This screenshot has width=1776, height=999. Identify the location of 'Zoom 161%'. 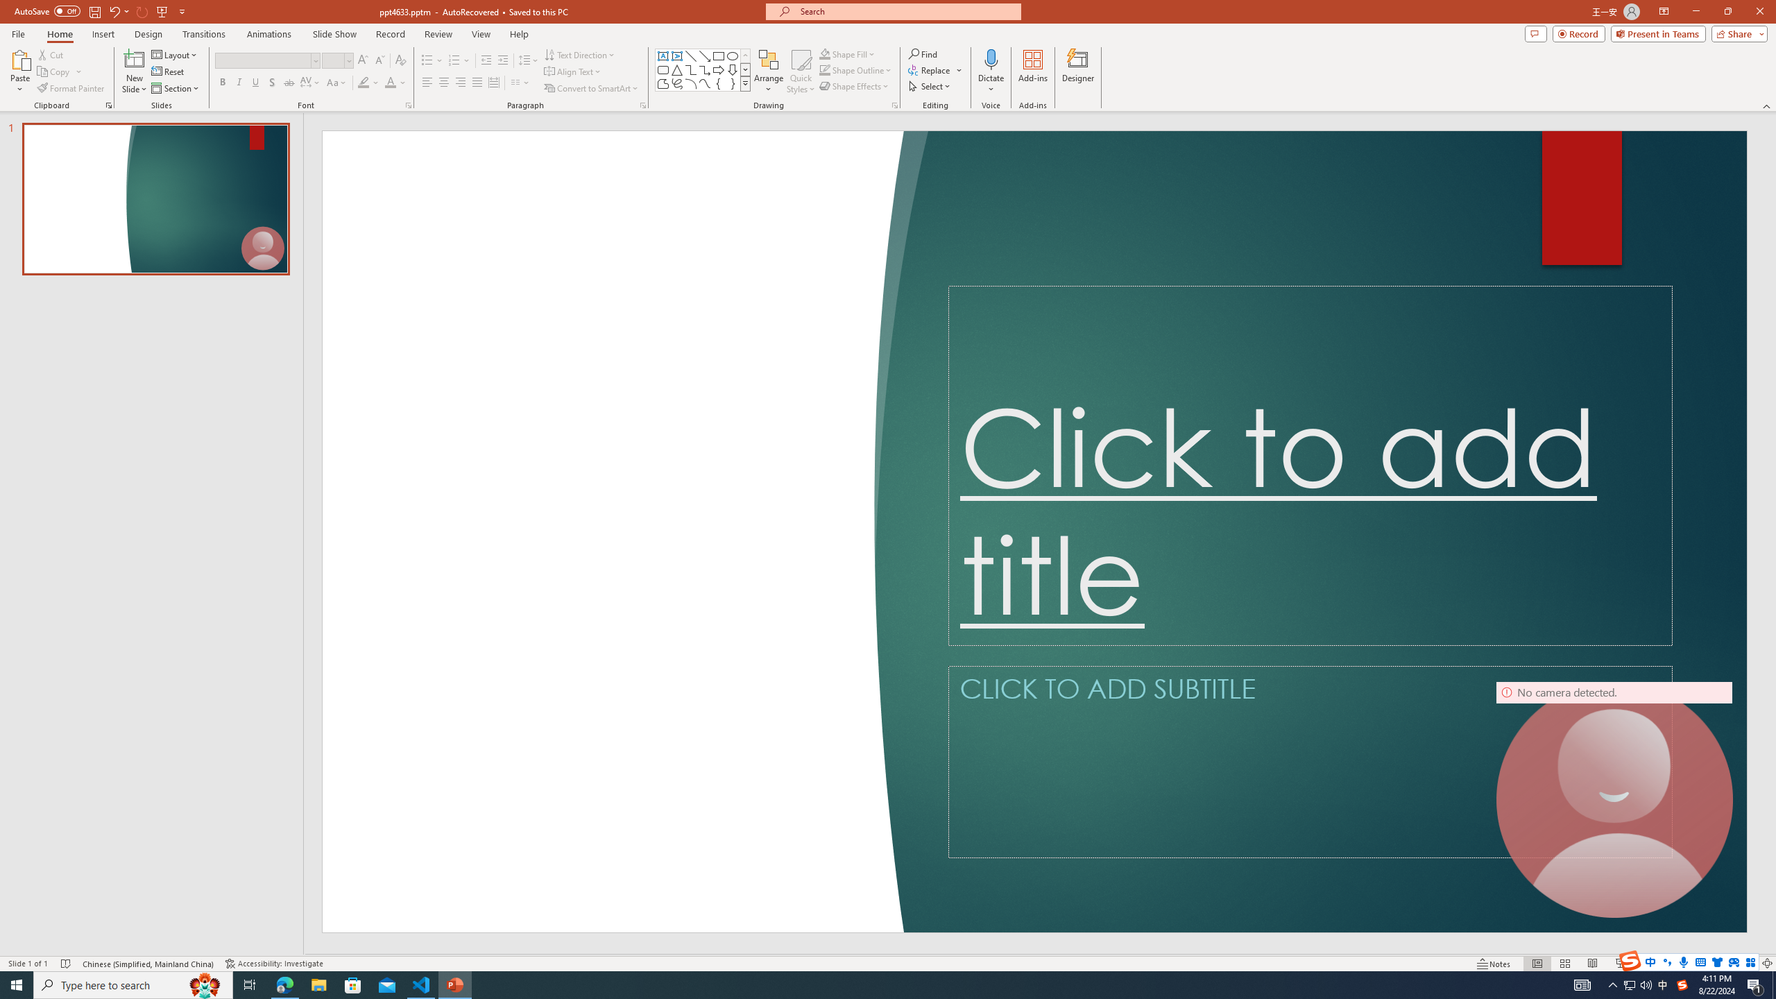
(1745, 964).